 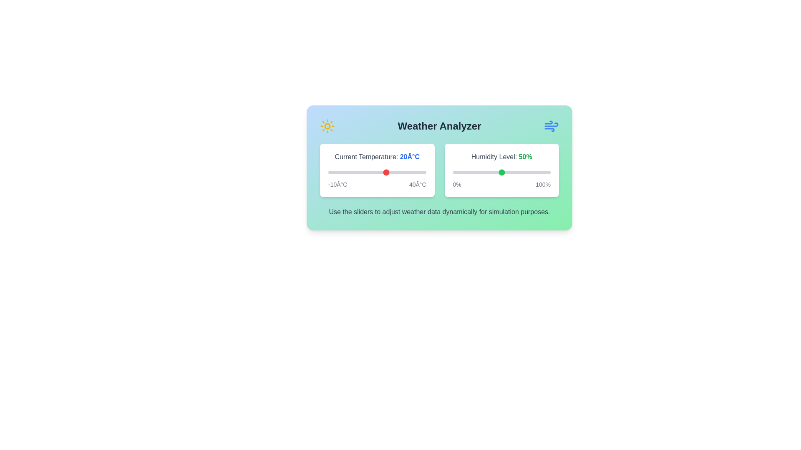 I want to click on the temperature slider to 12°C, so click(x=371, y=172).